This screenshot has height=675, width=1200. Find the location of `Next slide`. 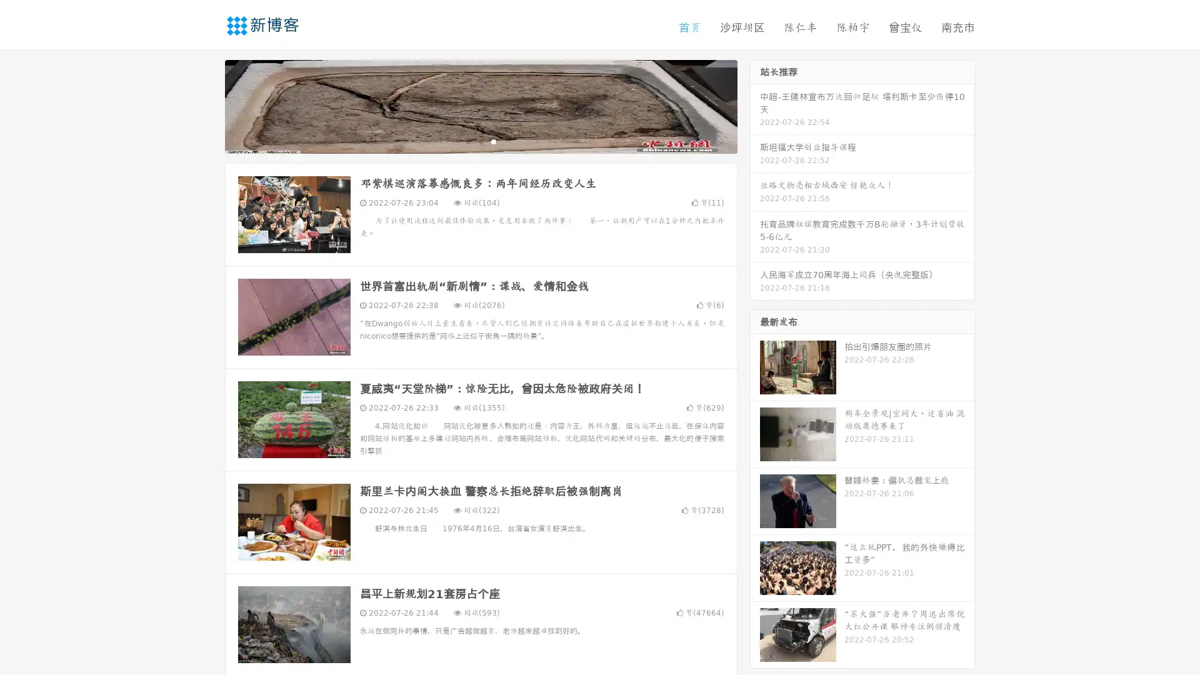

Next slide is located at coordinates (755, 105).